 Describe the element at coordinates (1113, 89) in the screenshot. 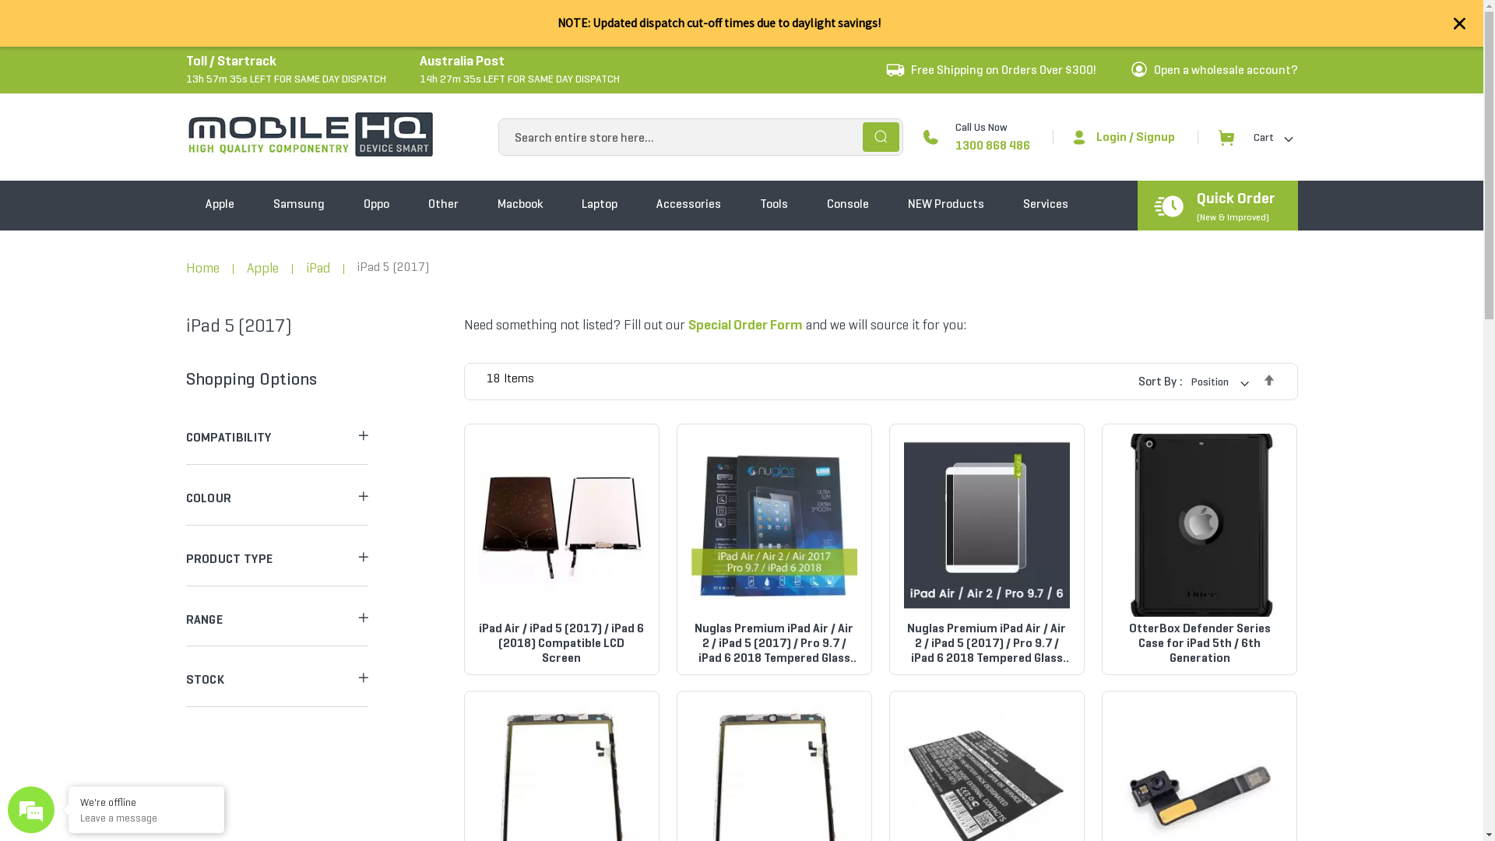

I see `'Login'` at that location.